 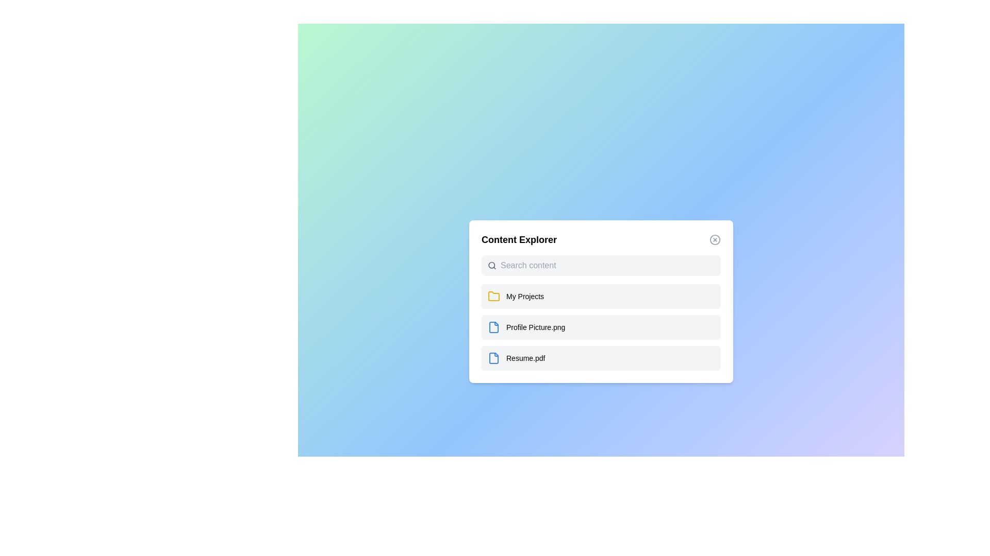 I want to click on the content item My Projects from the list, so click(x=601, y=296).